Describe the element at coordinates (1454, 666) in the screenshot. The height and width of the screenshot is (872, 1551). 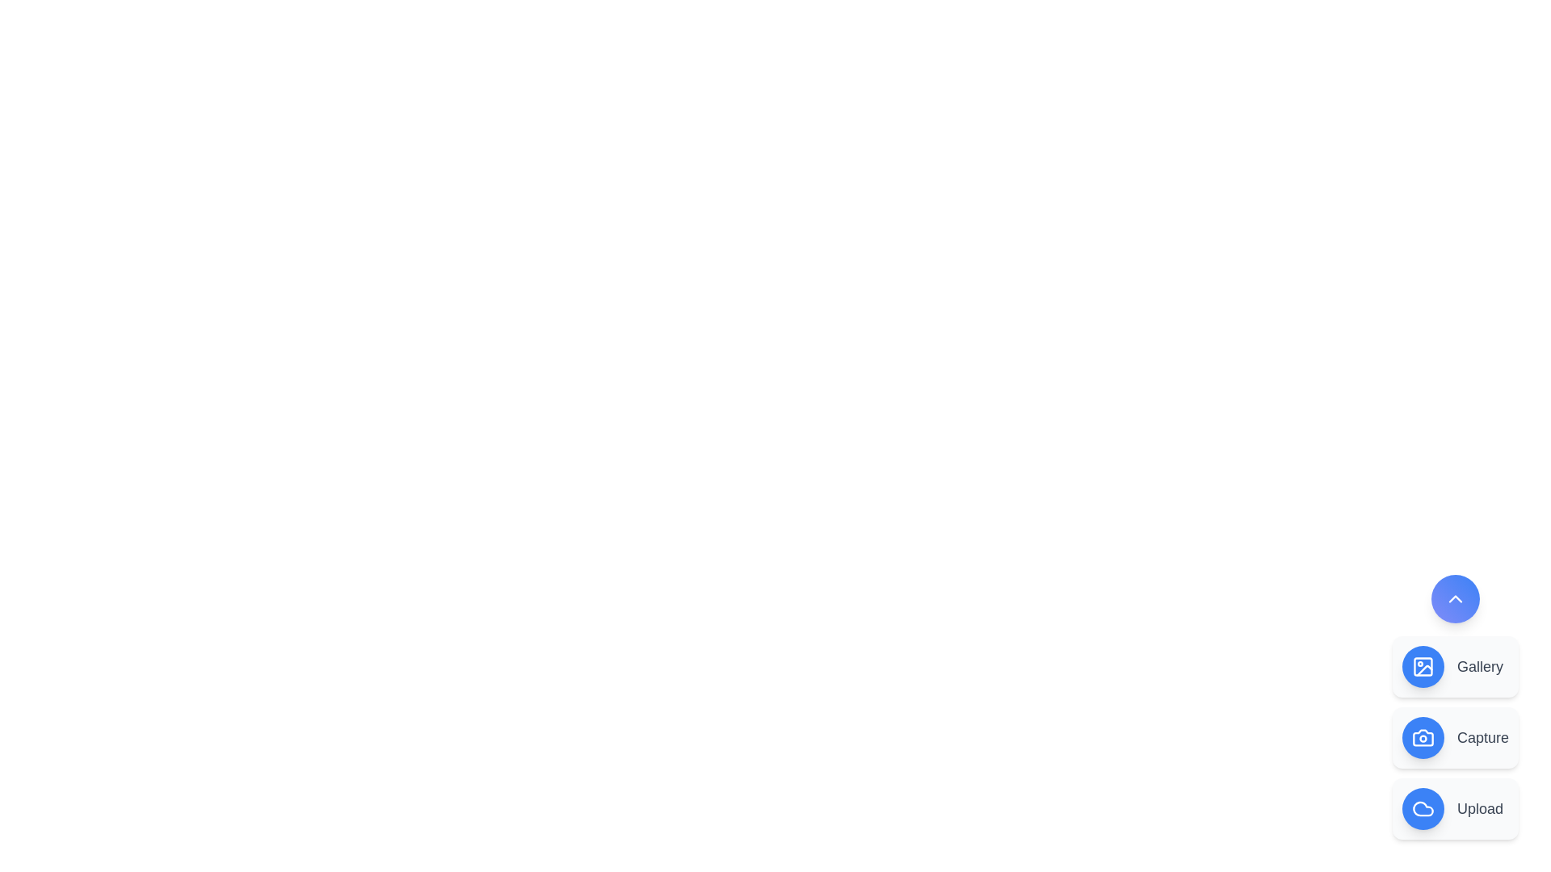
I see `the 'Gallery' option in the menu` at that location.